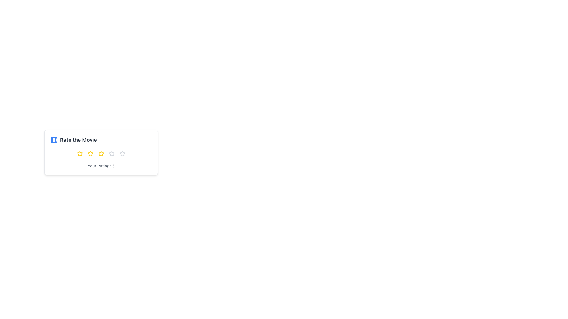 The height and width of the screenshot is (319, 568). Describe the element at coordinates (122, 153) in the screenshot. I see `the fifth star icon in the row of five stars below the title 'Rate the Movie'` at that location.